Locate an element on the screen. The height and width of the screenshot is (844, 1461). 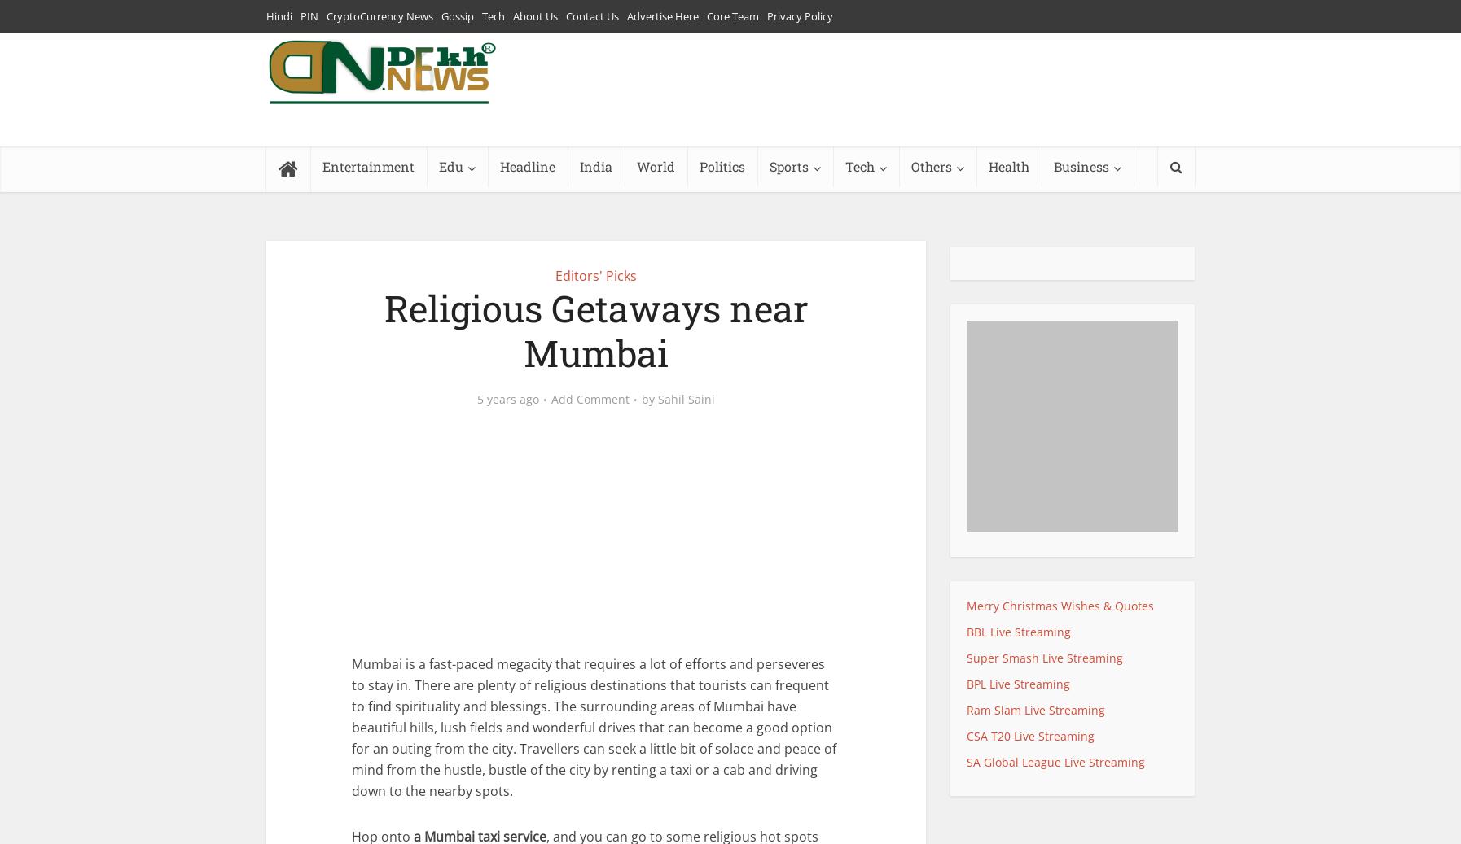
'5 years ago' is located at coordinates (507, 397).